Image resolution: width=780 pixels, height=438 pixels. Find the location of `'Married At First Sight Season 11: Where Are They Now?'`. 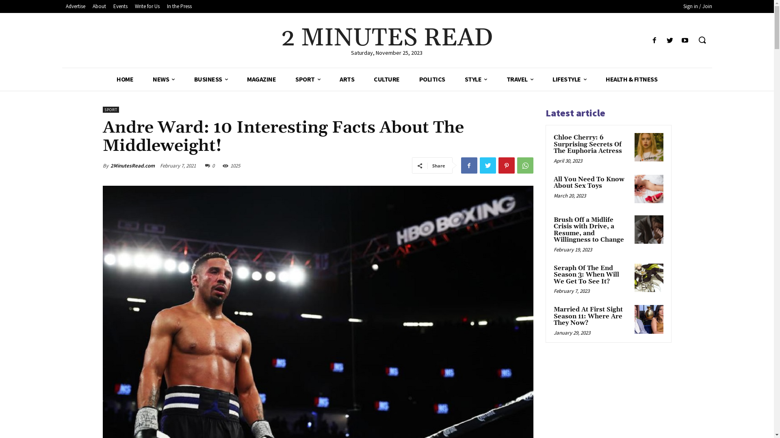

'Married At First Sight Season 11: Where Are They Now?' is located at coordinates (587, 316).